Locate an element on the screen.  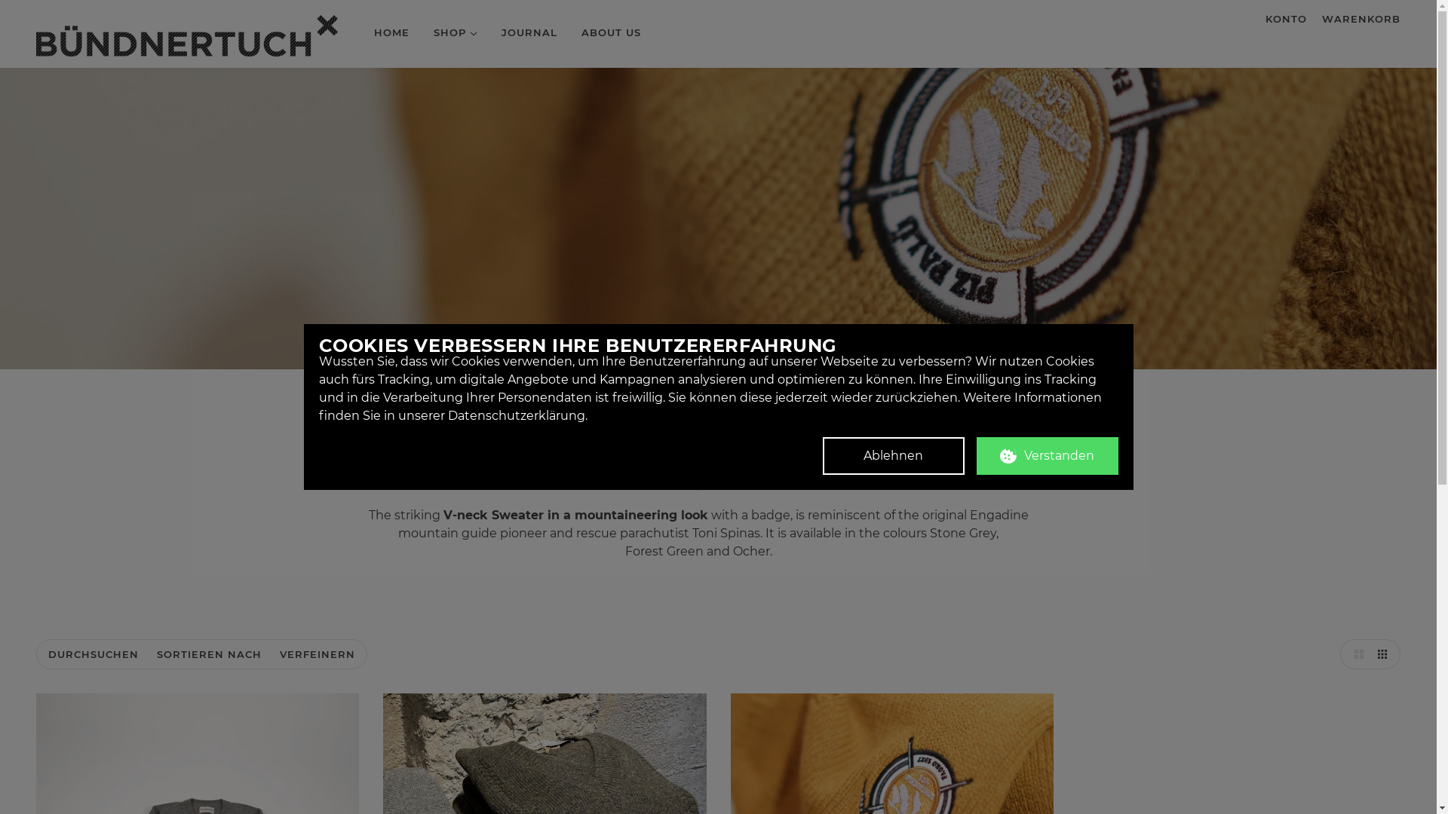
'KONTO' is located at coordinates (1258, 18).